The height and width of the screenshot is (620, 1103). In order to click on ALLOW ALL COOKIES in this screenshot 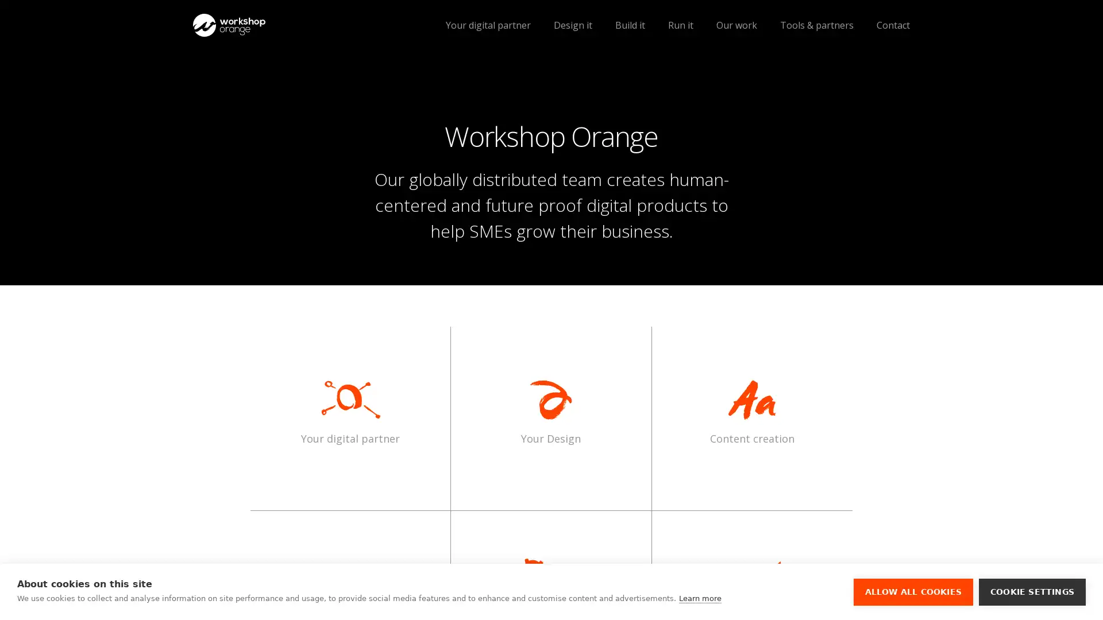, I will do `click(912, 591)`.